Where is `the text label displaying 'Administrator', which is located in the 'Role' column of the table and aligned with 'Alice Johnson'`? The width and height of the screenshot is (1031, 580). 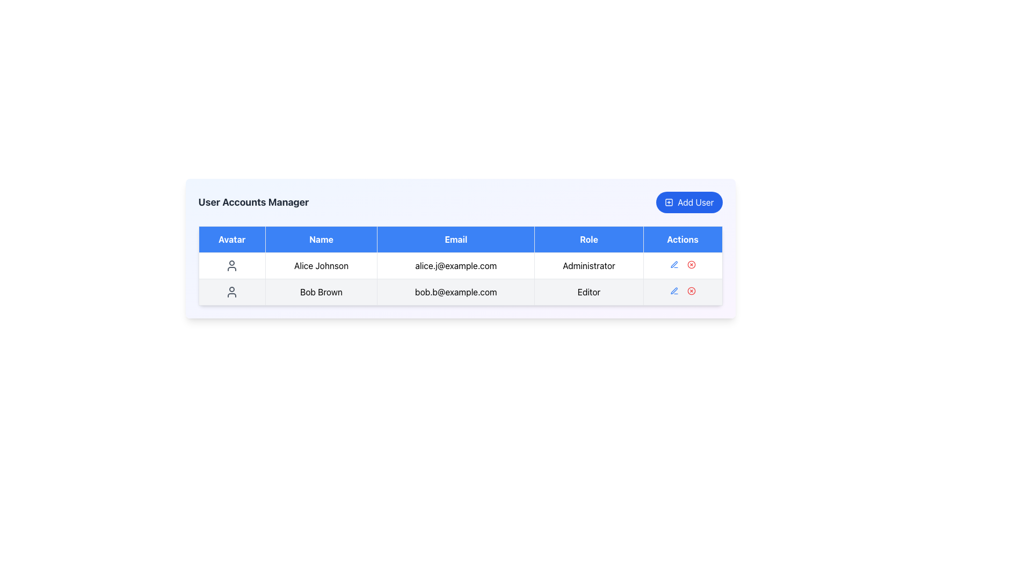
the text label displaying 'Administrator', which is located in the 'Role' column of the table and aligned with 'Alice Johnson' is located at coordinates (588, 265).